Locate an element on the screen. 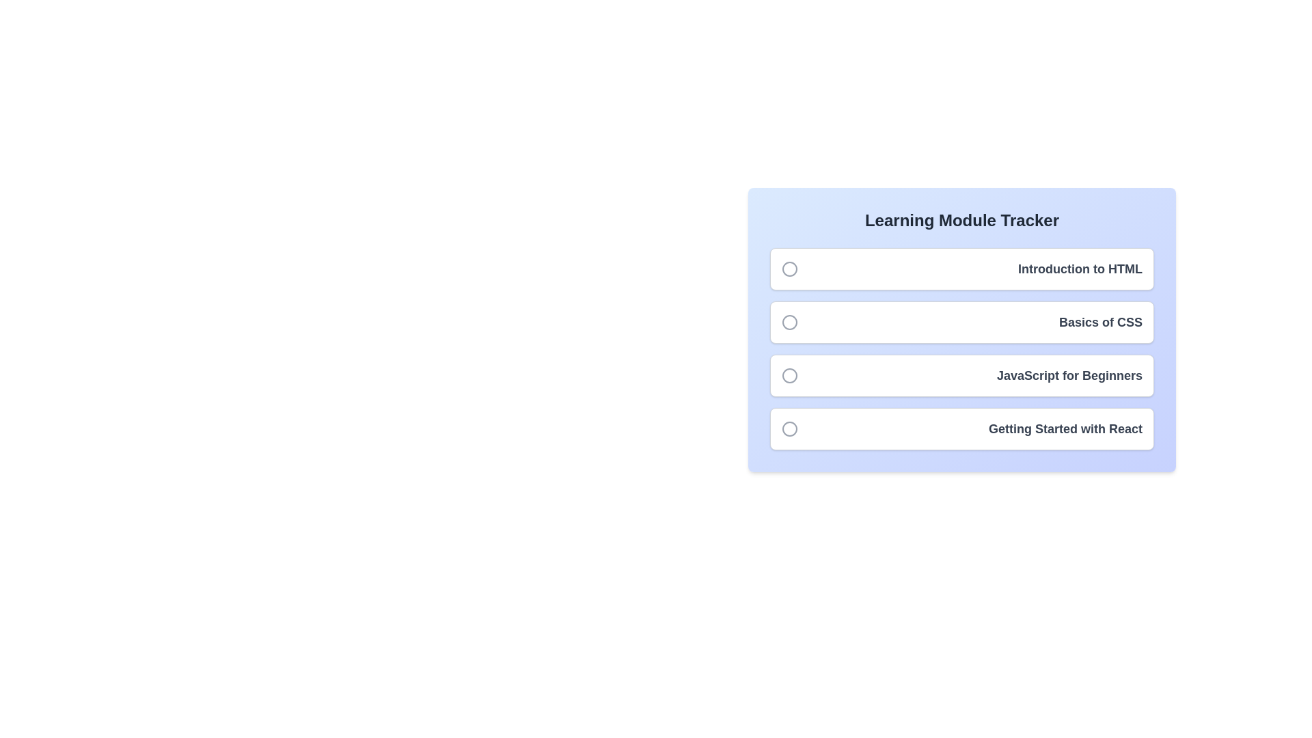  the learning module list item titled 'JavaScript for Beginners' is located at coordinates (961, 376).